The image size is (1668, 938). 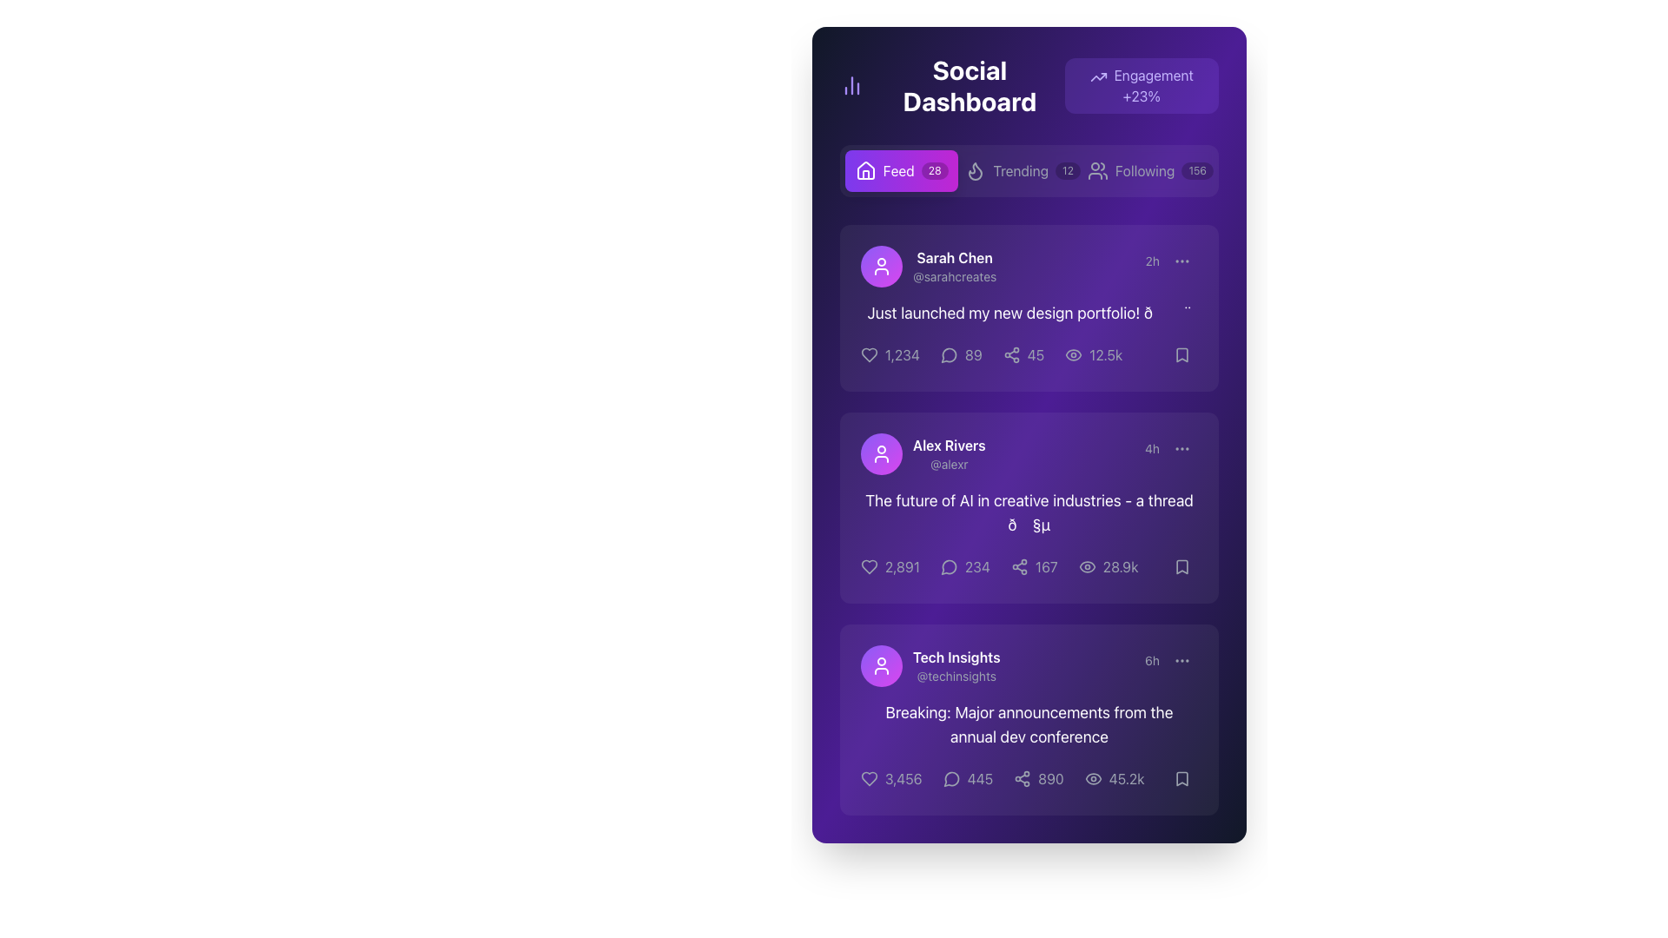 I want to click on the text label or headline conveying the news update from 'Tech Insights', located in the third content block beneath the user's name and timestamp, so click(x=1029, y=724).